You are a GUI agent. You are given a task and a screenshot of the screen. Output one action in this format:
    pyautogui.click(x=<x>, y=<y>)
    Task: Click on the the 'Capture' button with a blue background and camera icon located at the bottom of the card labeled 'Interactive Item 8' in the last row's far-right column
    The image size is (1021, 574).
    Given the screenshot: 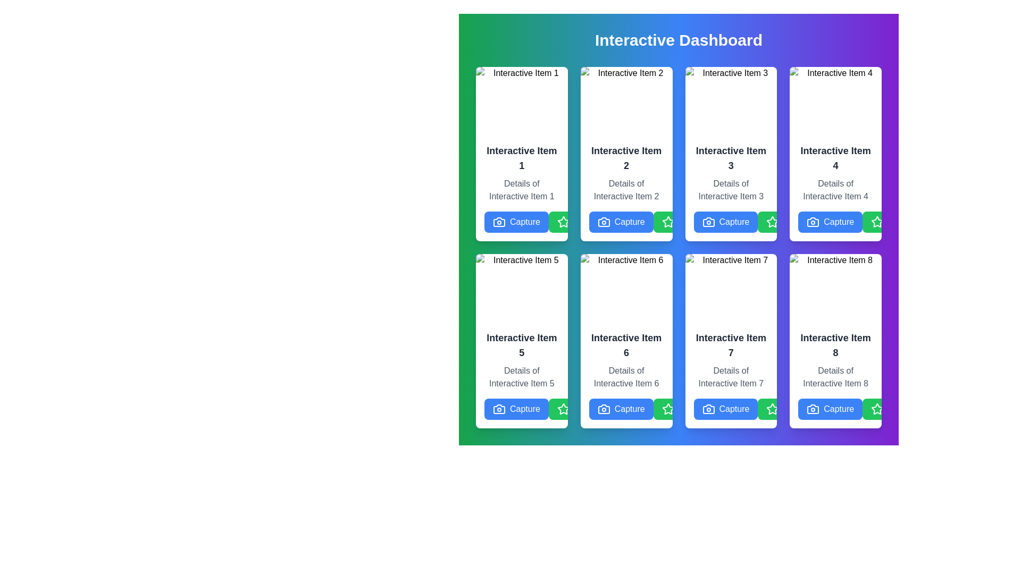 What is the action you would take?
    pyautogui.click(x=830, y=409)
    